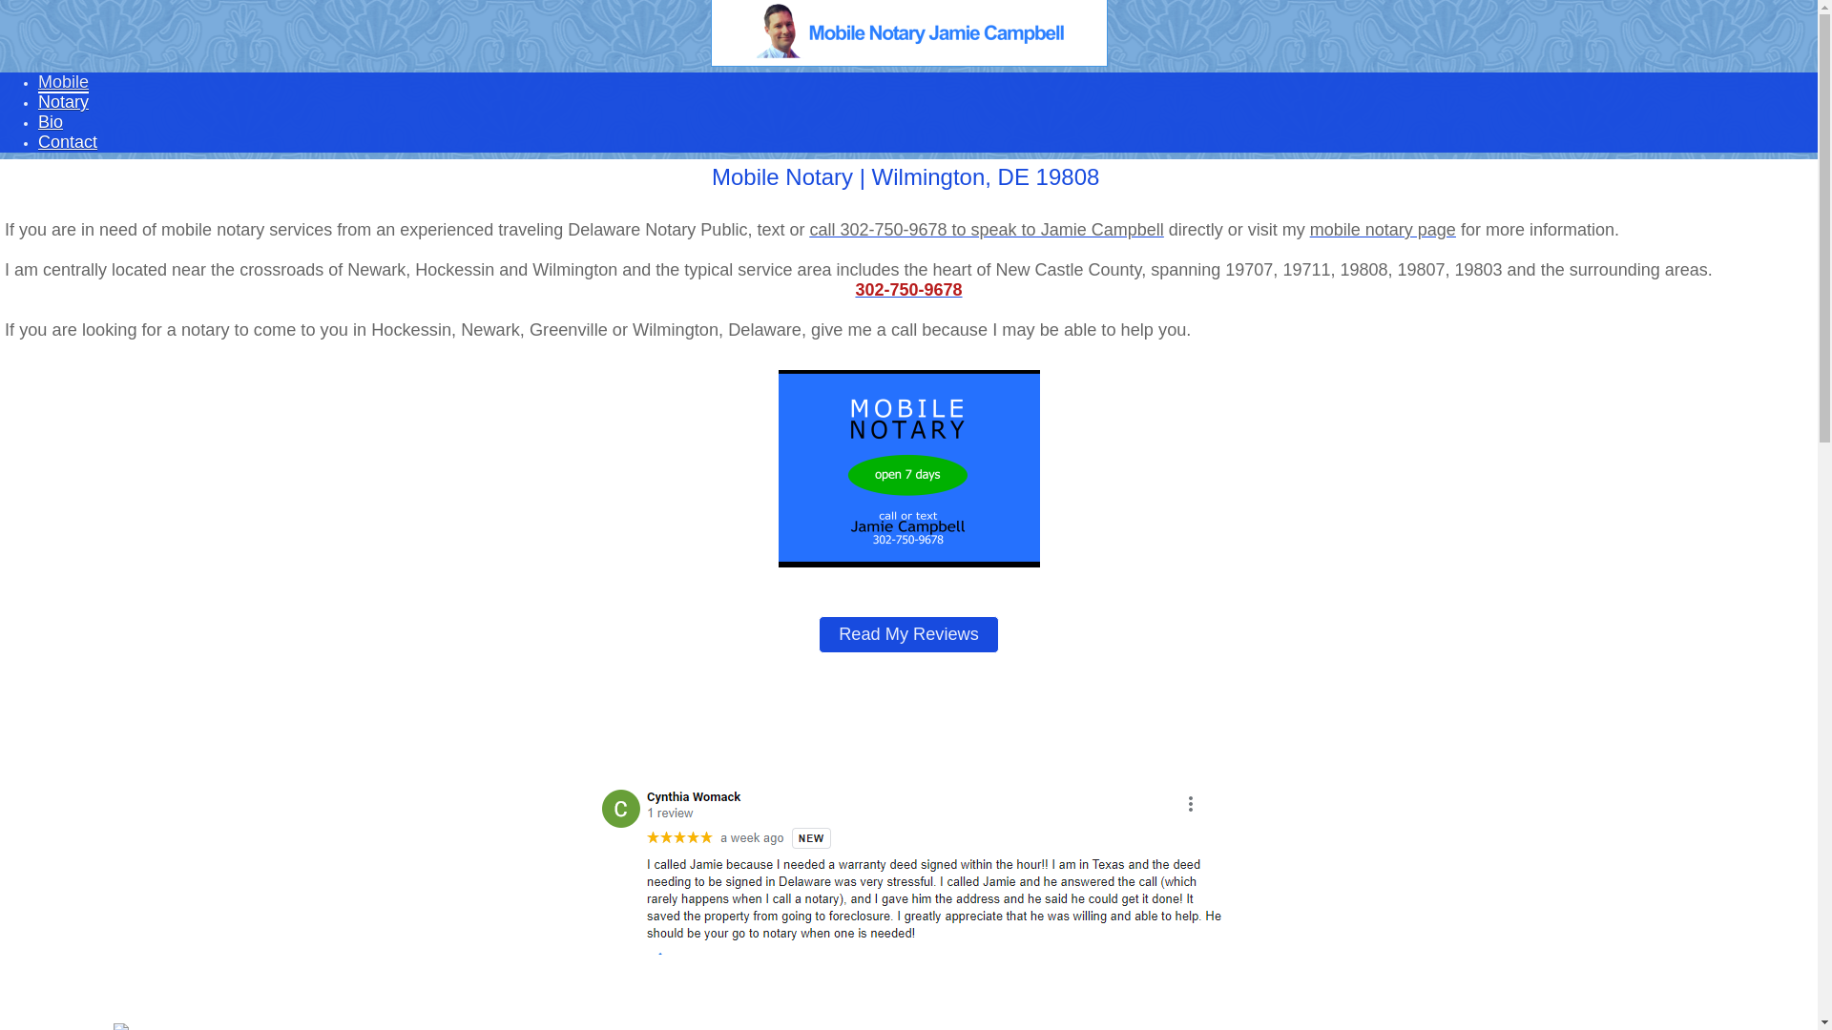 This screenshot has width=1832, height=1030. What do you see at coordinates (63, 82) in the screenshot?
I see `'Mobile'` at bounding box center [63, 82].